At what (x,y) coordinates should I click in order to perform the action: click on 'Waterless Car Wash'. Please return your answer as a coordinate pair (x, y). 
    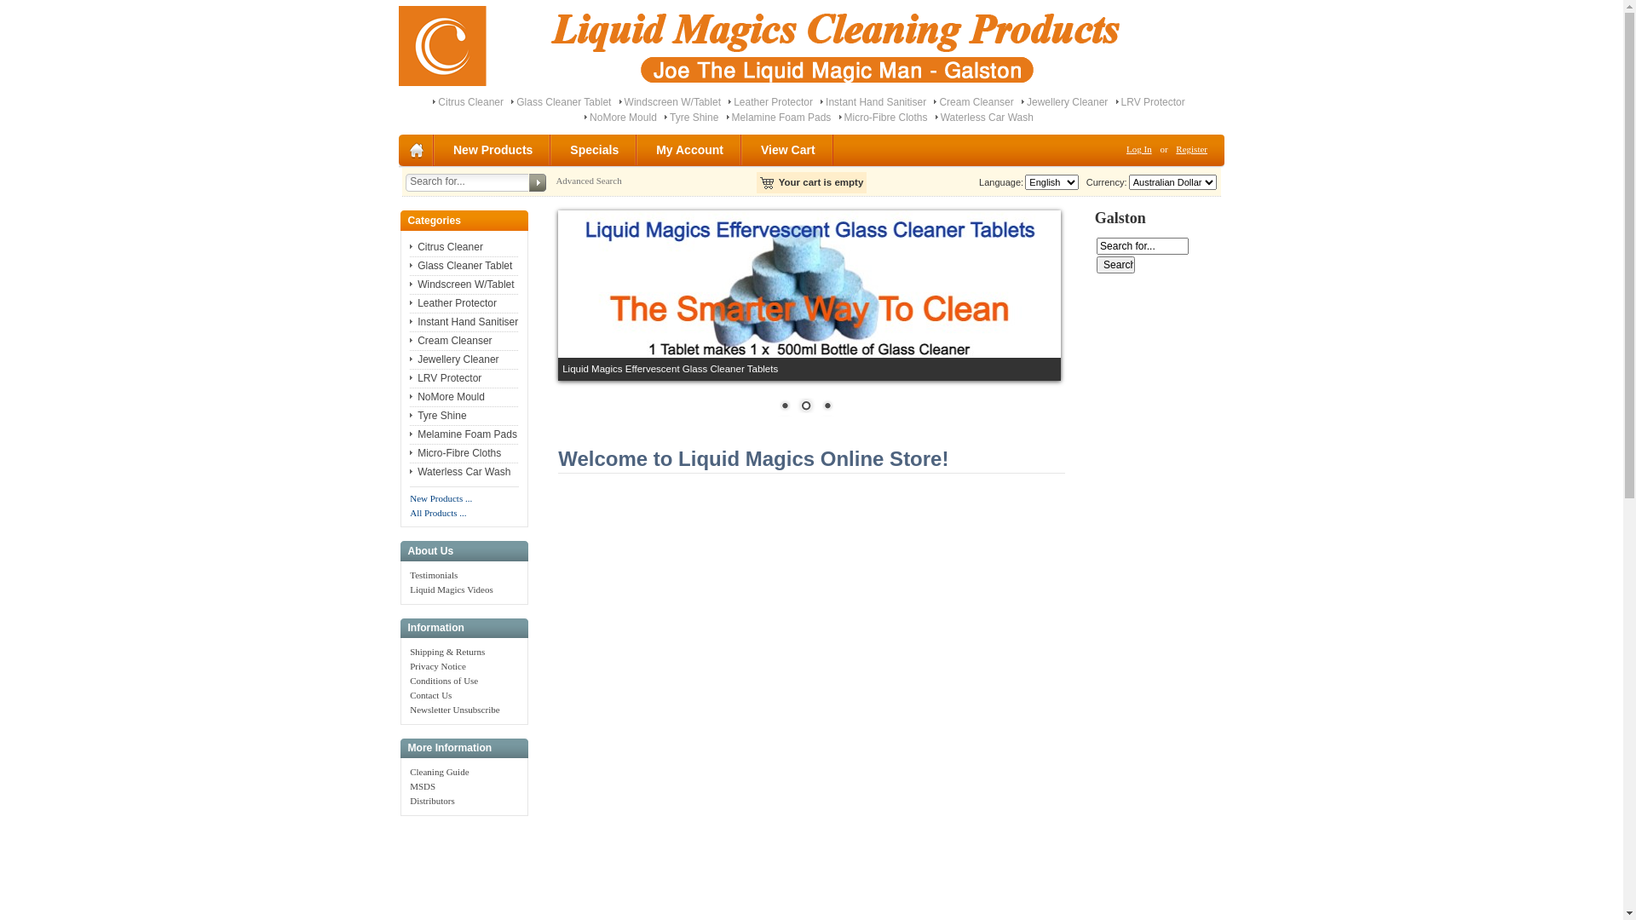
    Looking at the image, I should click on (459, 472).